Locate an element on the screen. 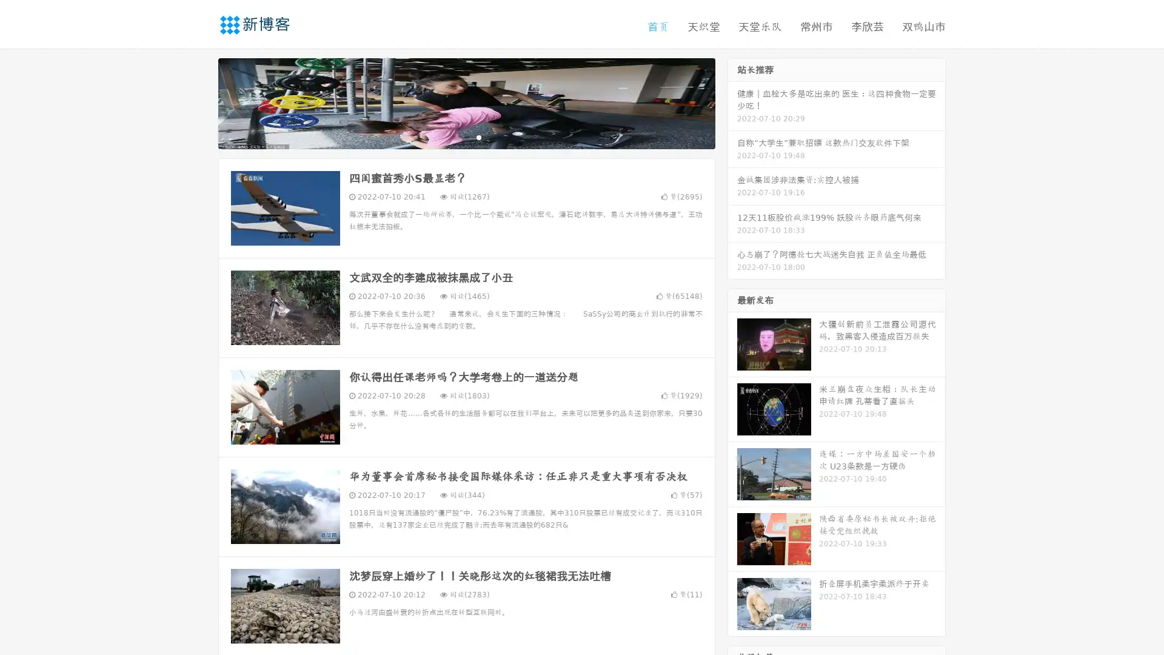  Go to slide 2 is located at coordinates (466, 136).